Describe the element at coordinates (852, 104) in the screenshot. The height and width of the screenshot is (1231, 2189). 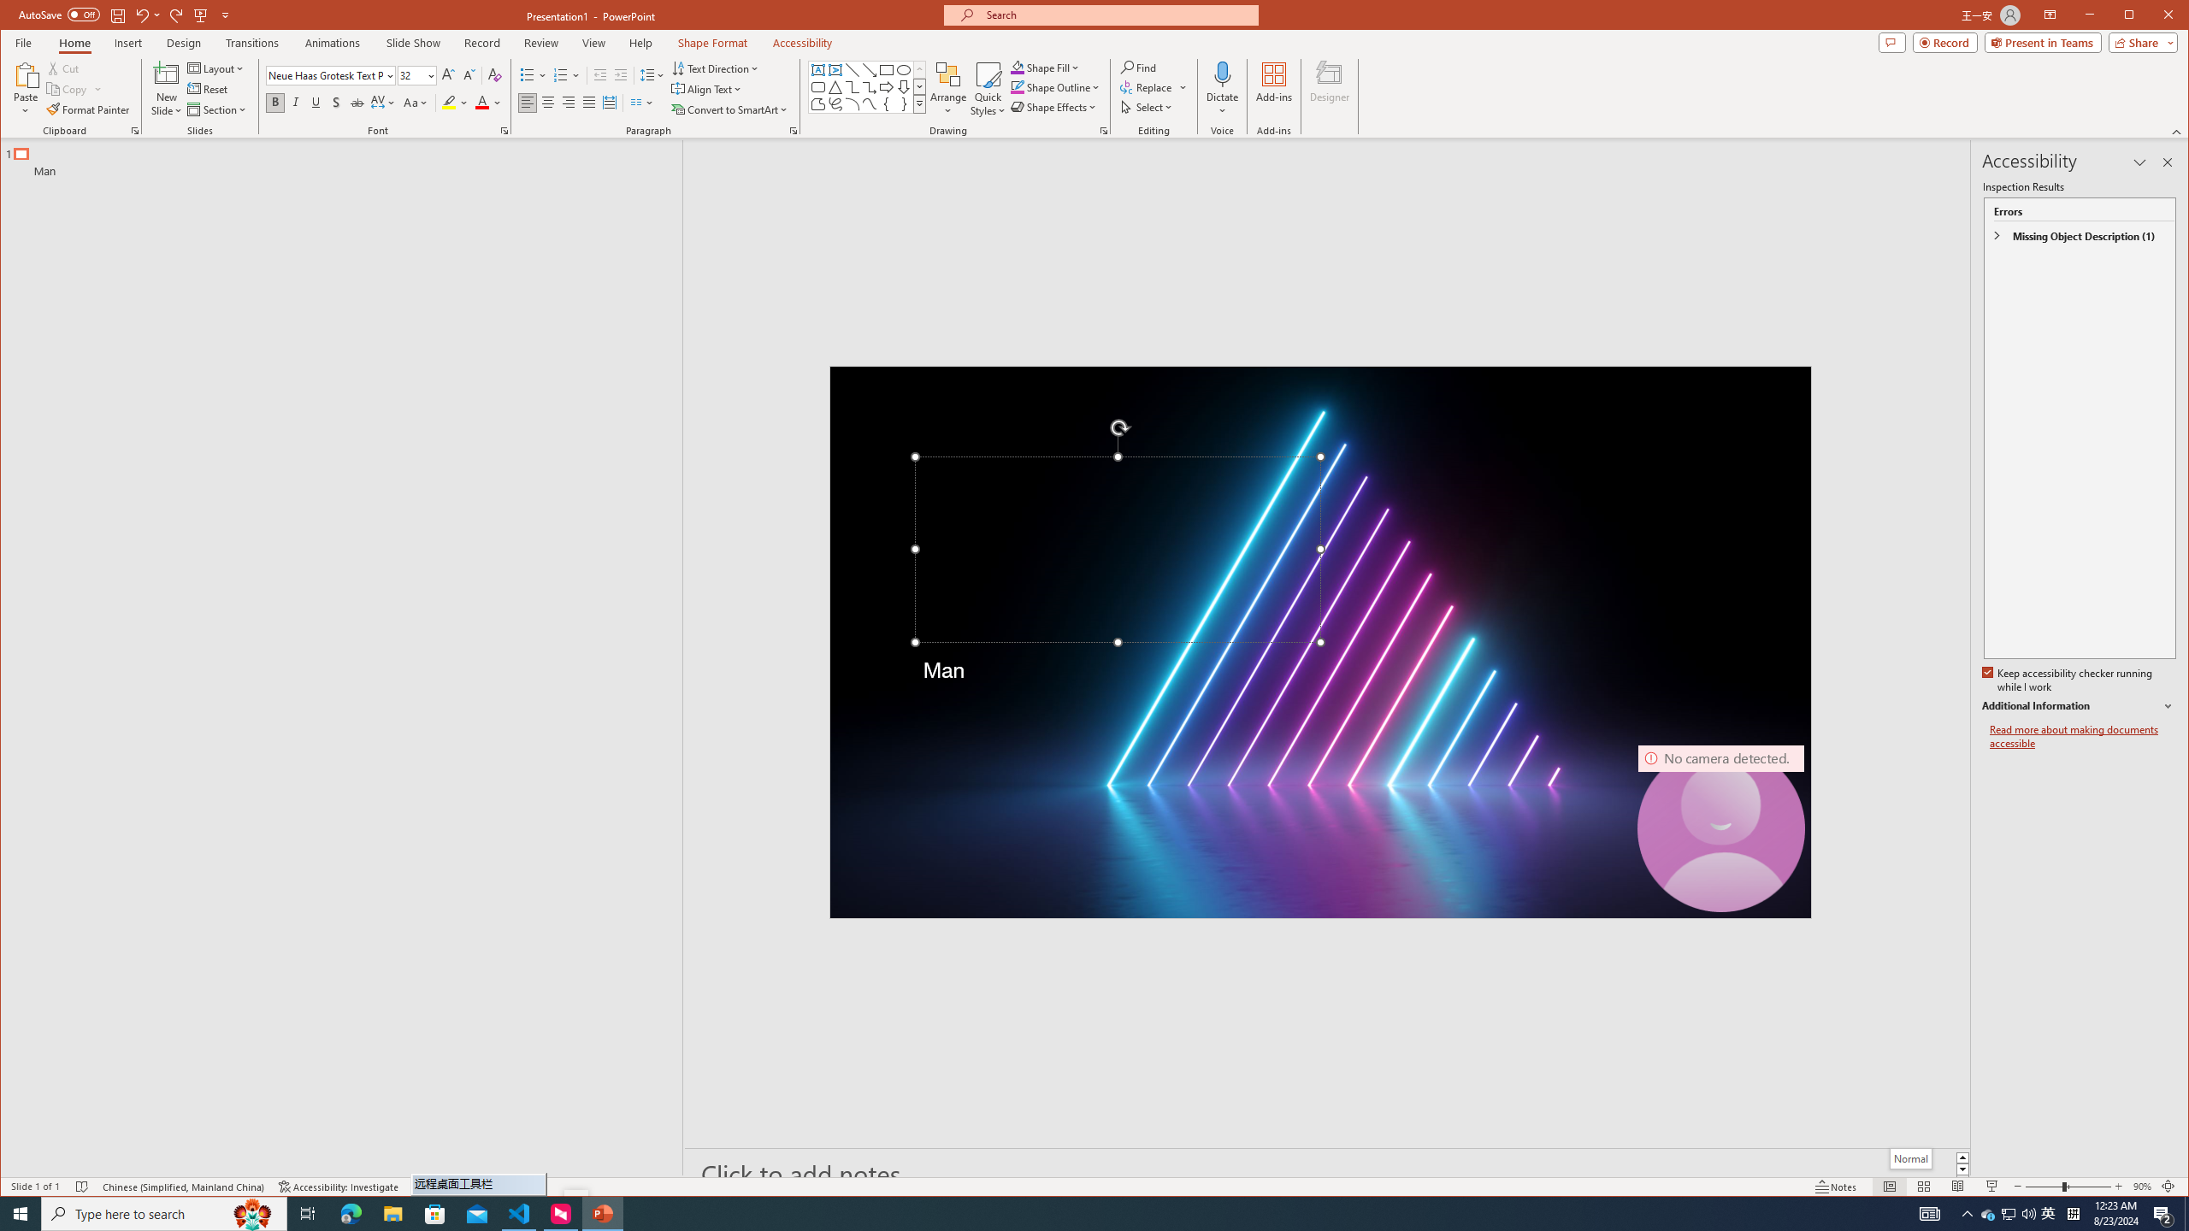
I see `'Arc'` at that location.